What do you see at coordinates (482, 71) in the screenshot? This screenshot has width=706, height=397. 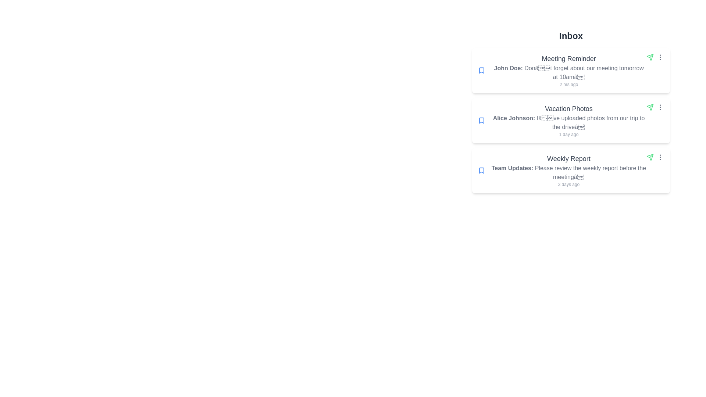 I see `bookmark icon for the message with subject Meeting Reminder` at bounding box center [482, 71].